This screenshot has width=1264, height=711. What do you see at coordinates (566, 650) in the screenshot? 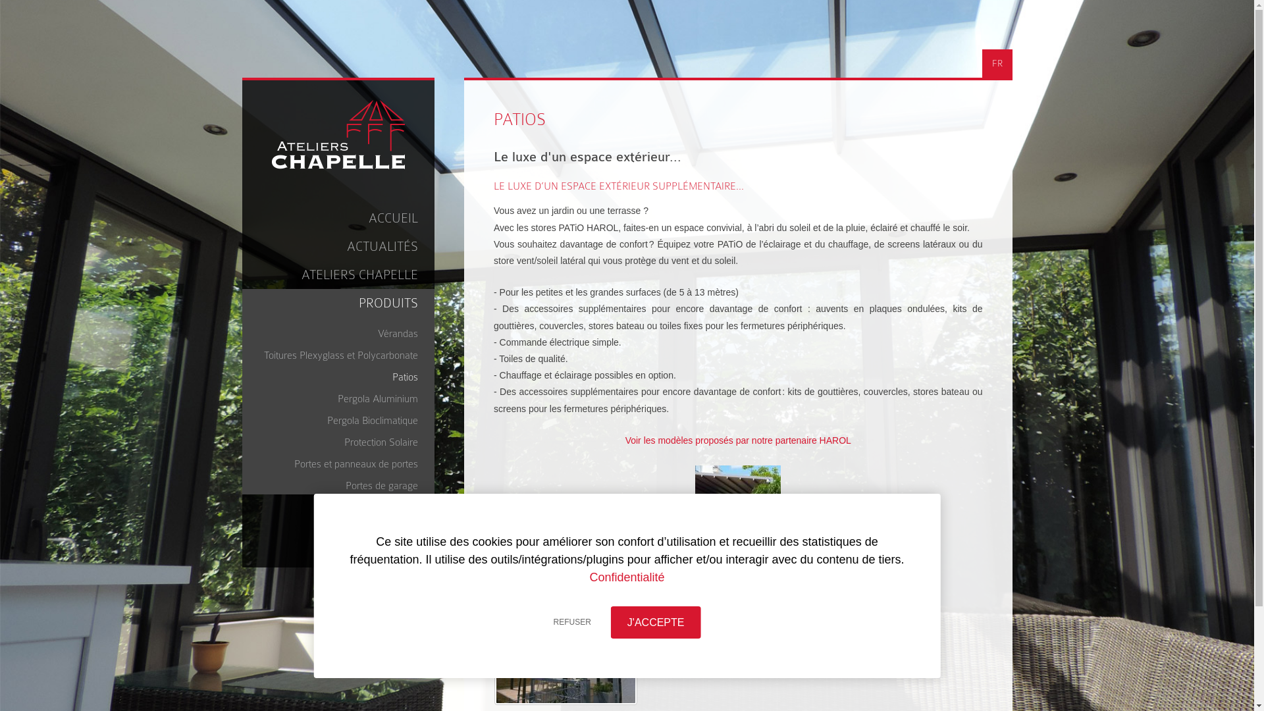
I see `'patio - Patios - Produits'` at bounding box center [566, 650].